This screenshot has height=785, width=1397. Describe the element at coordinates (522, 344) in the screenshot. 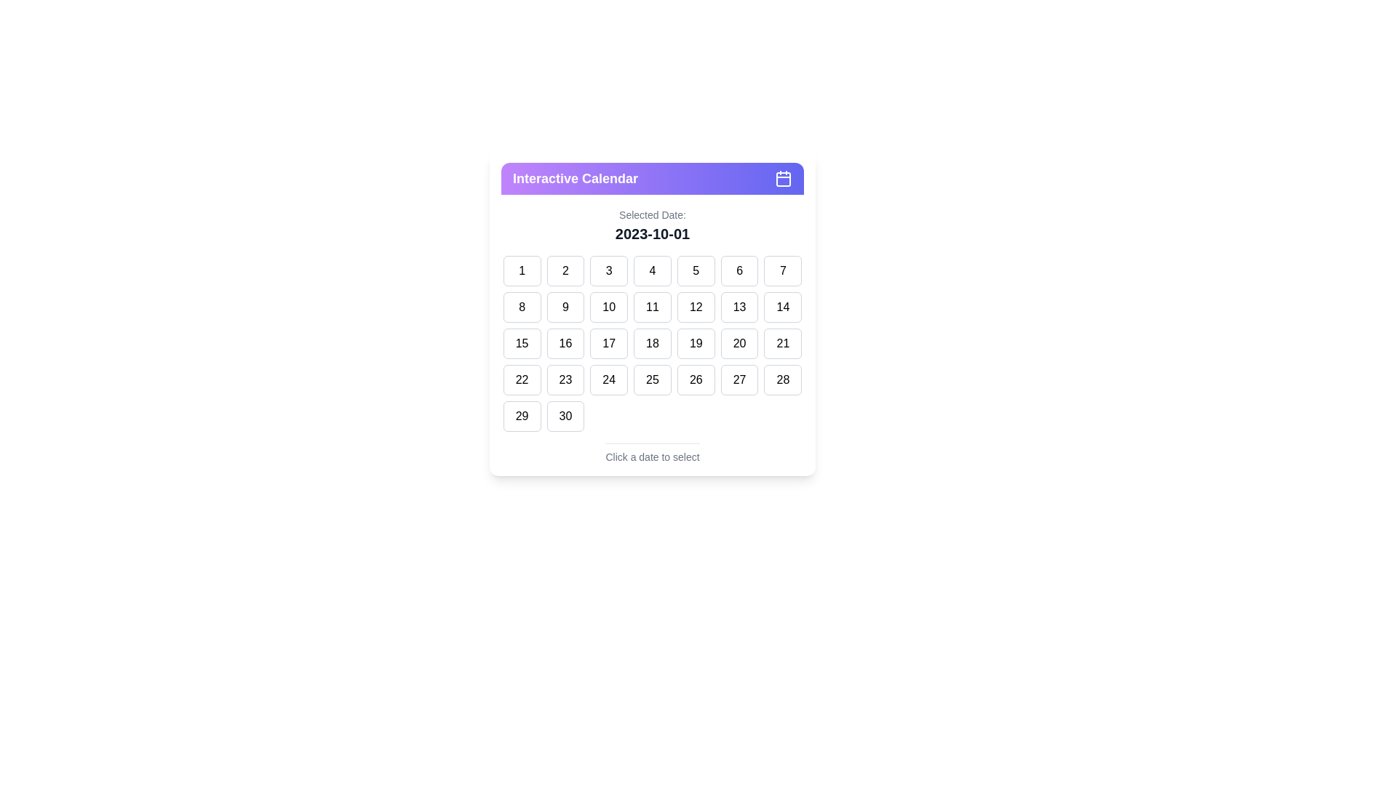

I see `the rounded rectangular button labeled '15' to observe the background color change` at that location.